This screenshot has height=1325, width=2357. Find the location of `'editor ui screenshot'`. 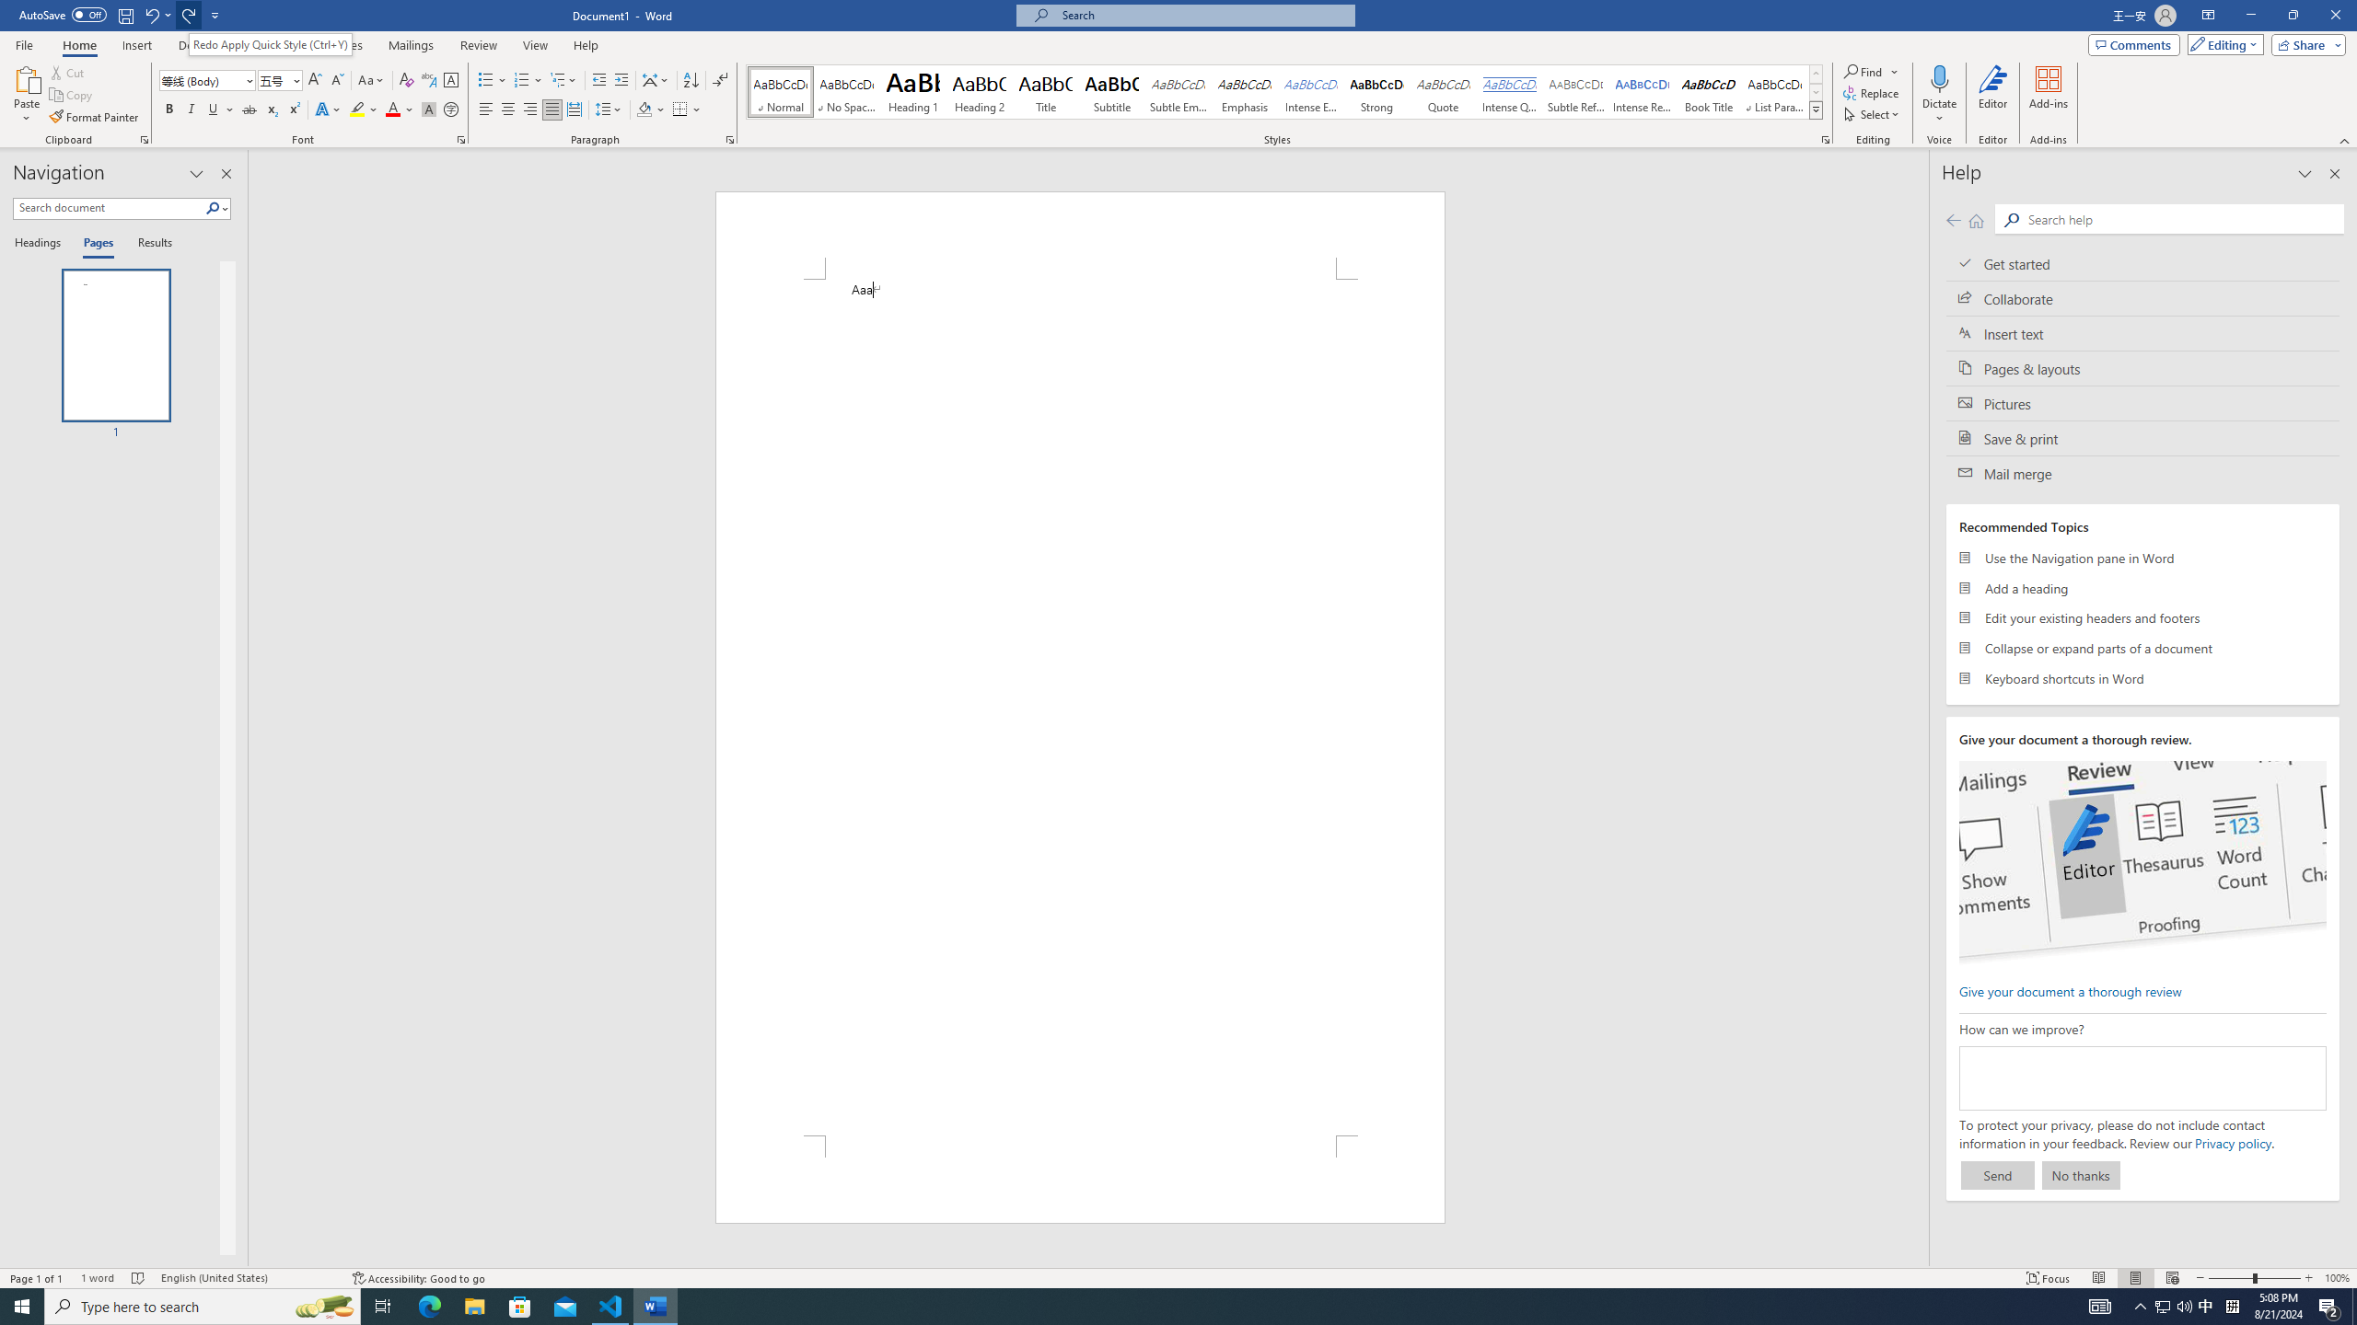

'editor ui screenshot' is located at coordinates (2142, 862).